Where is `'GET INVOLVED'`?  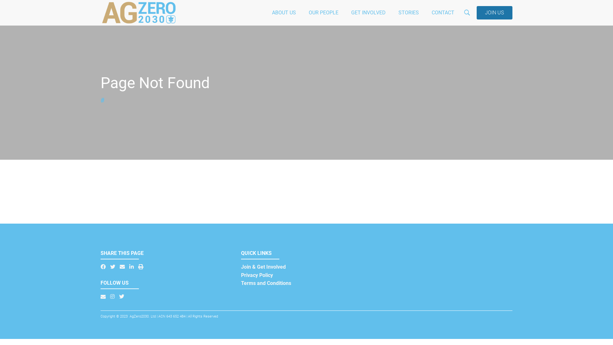
'GET INVOLVED' is located at coordinates (344, 12).